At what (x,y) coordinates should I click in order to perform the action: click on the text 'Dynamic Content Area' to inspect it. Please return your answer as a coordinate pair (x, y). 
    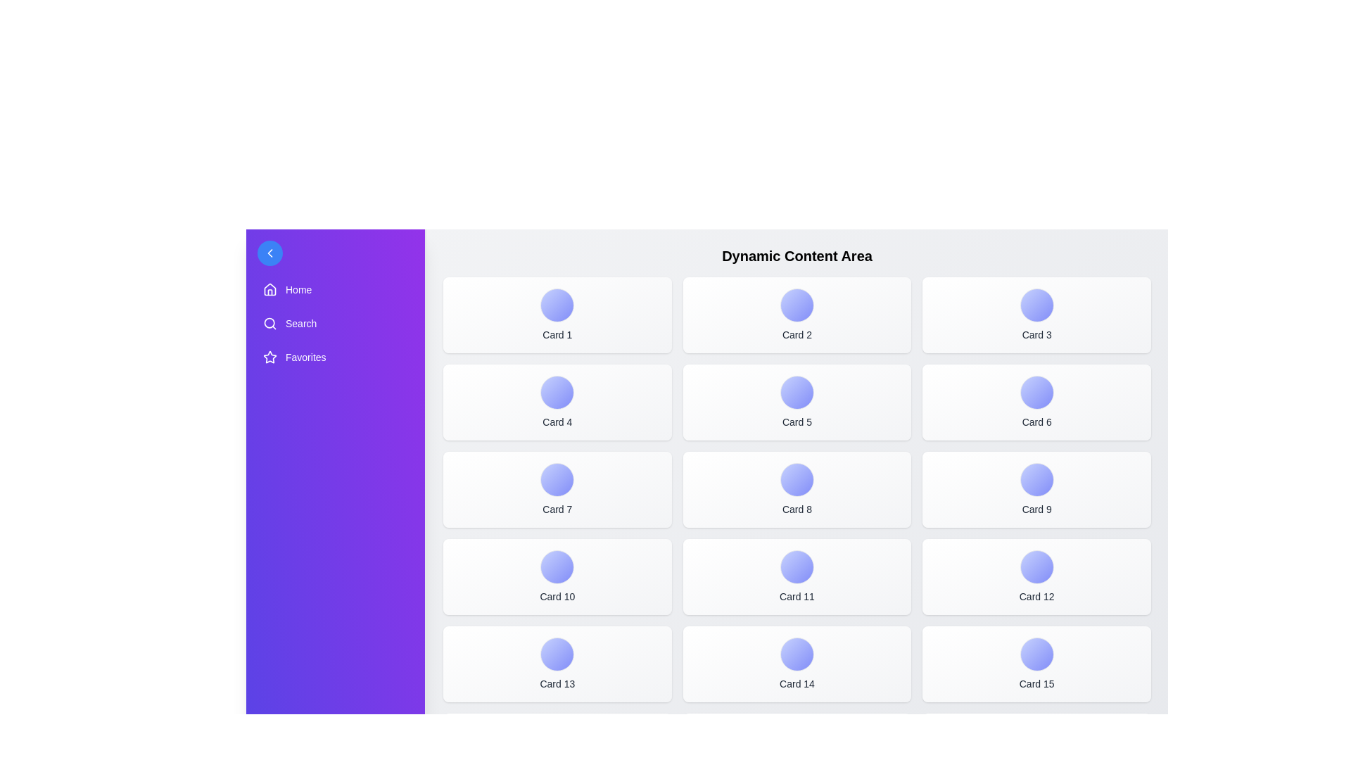
    Looking at the image, I should click on (797, 255).